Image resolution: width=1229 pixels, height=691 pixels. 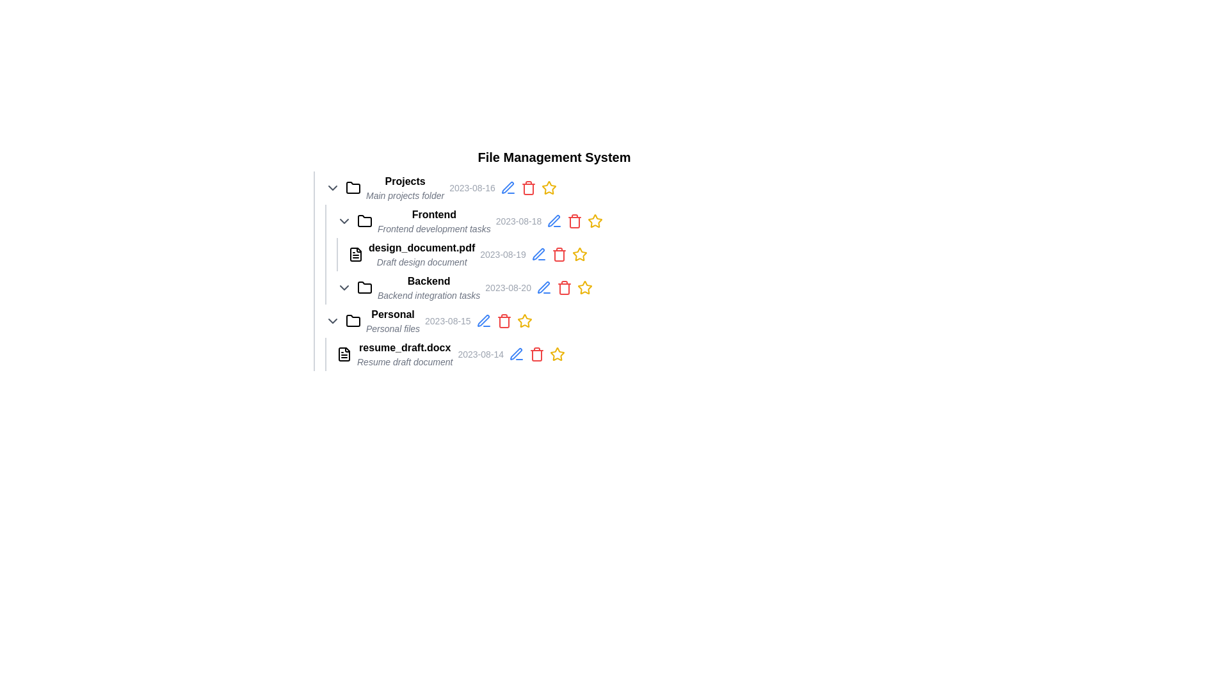 I want to click on the icon representing the 'resume_draft.docx' document, so click(x=344, y=354).